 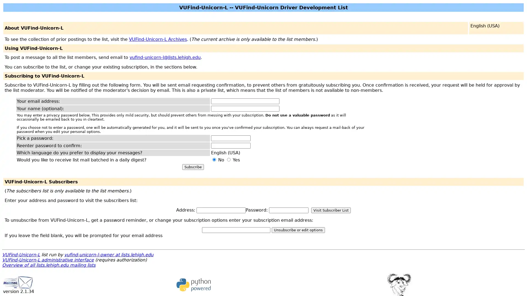 What do you see at coordinates (193, 167) in the screenshot?
I see `Subscribe` at bounding box center [193, 167].